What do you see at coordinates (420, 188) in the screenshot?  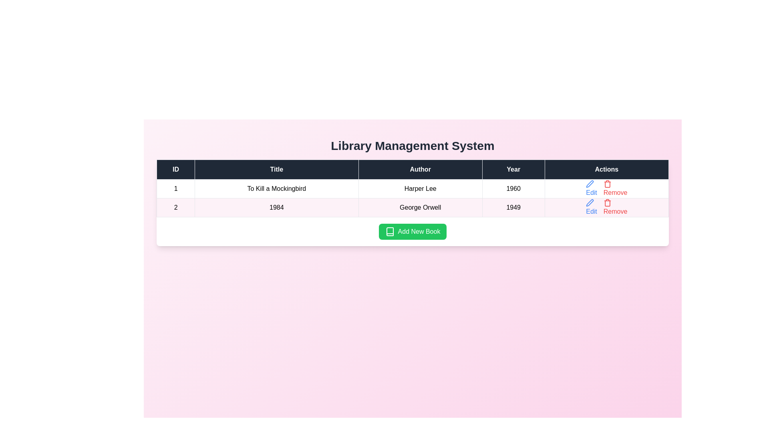 I see `the Text label displaying the author's name 'Harper Lee' in the 'To Kill a Mockingbird' book entry under the 'Author' column` at bounding box center [420, 188].